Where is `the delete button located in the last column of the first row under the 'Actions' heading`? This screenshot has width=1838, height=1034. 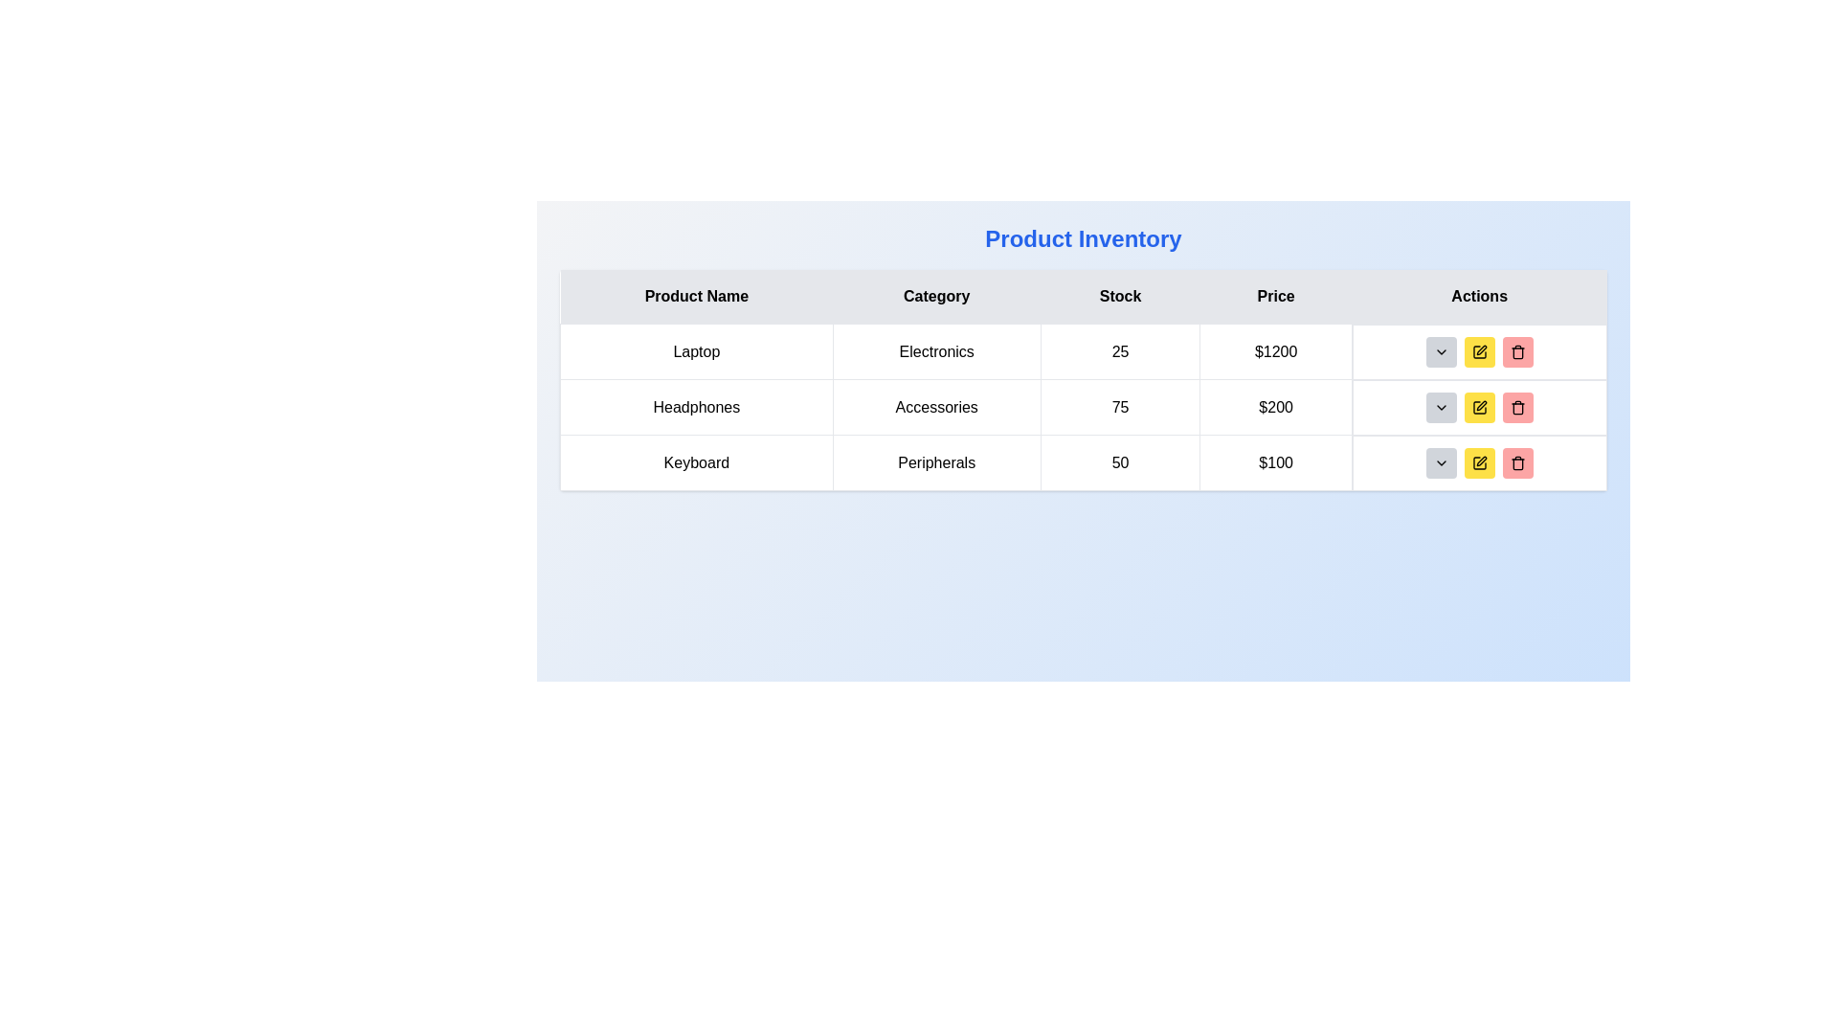 the delete button located in the last column of the first row under the 'Actions' heading is located at coordinates (1516, 351).